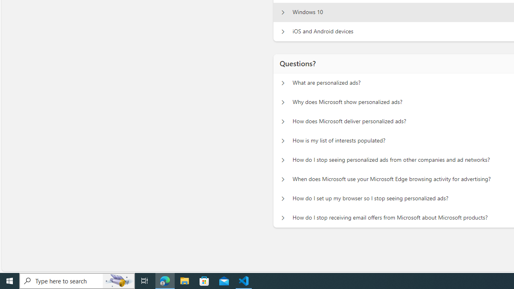  I want to click on 'Manage personalized ads on your device Windows 10', so click(283, 12).